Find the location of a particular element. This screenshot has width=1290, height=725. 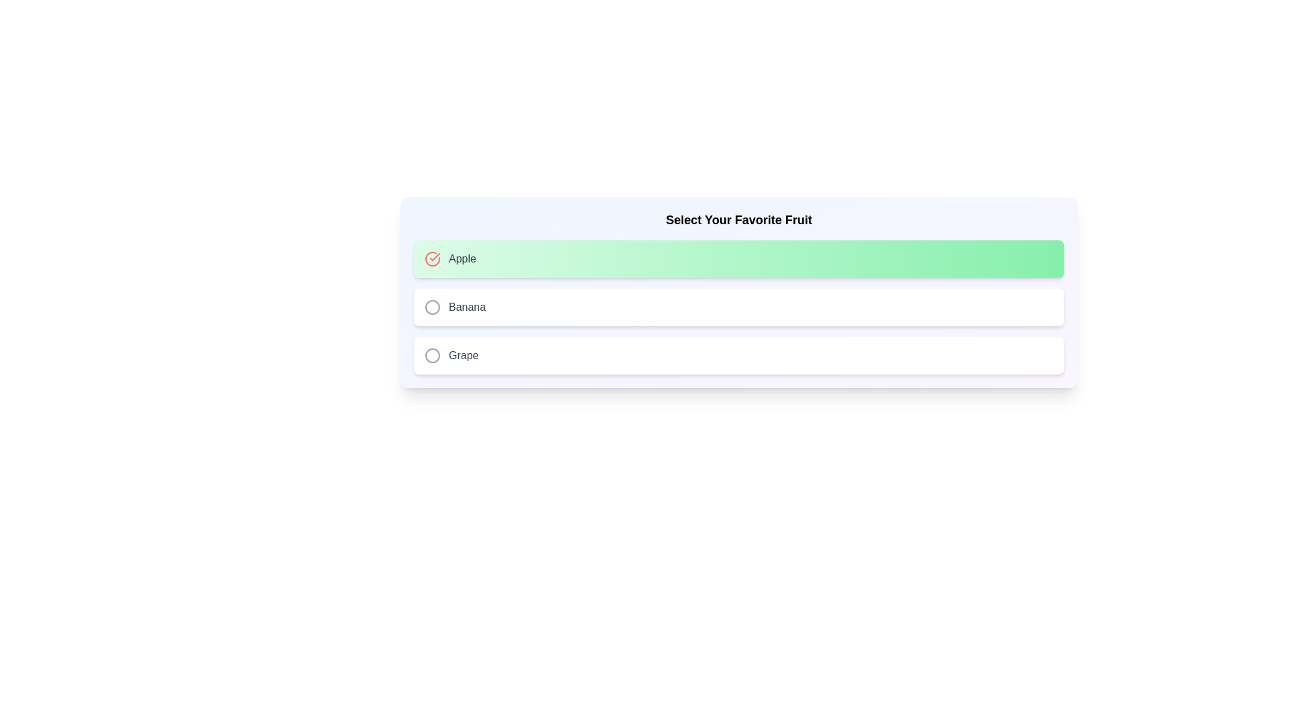

the content displayed on the 'Apple' text label, which is located in a gradient green block at the top-left corner, aligned to the right of a red circular icon is located at coordinates (462, 258).